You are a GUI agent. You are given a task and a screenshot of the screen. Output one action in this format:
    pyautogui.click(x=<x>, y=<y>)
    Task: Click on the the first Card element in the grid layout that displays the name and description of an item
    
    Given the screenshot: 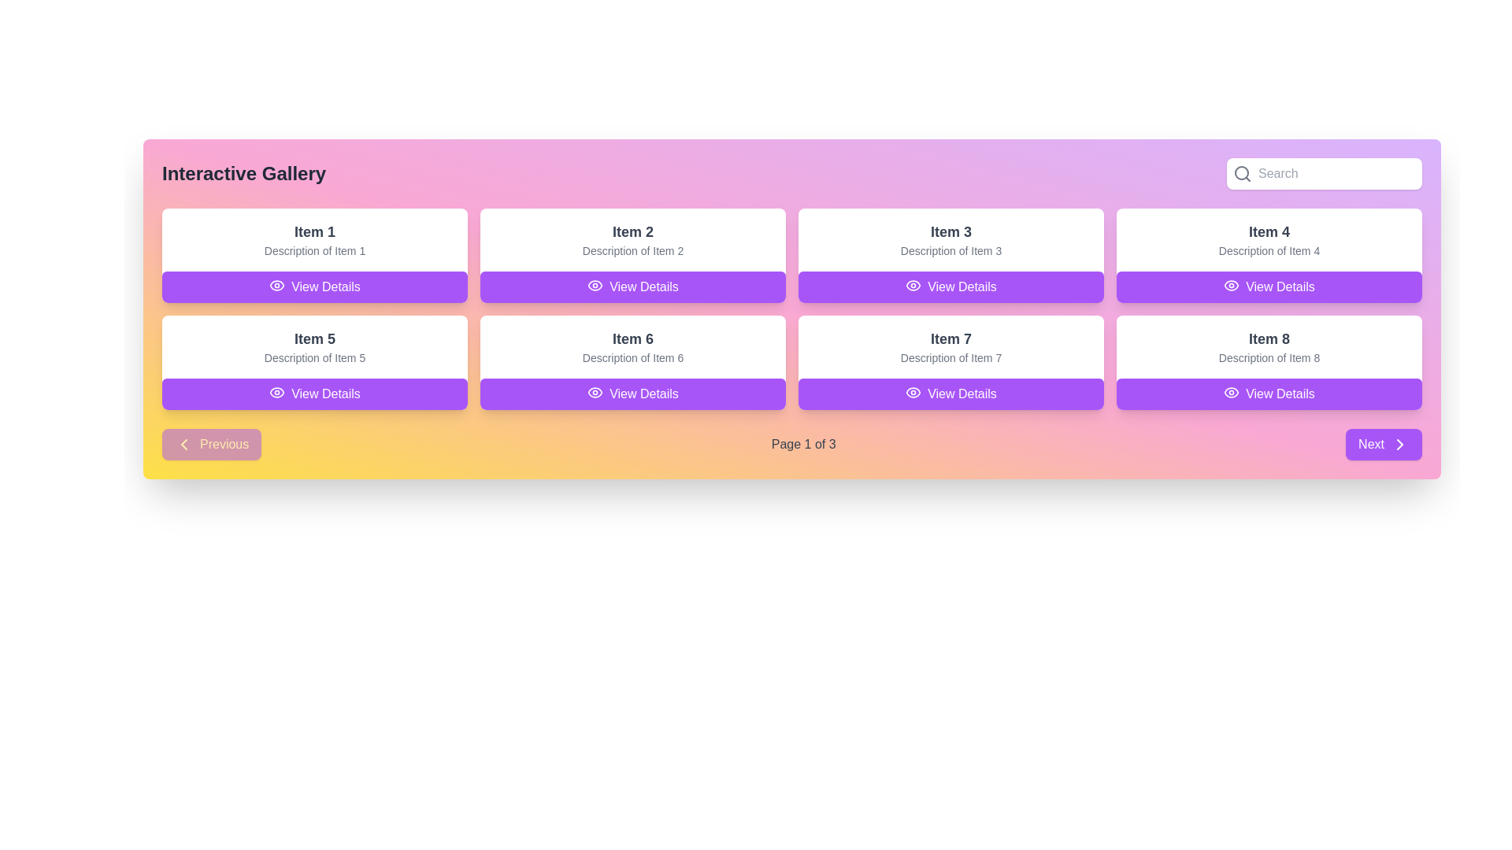 What is the action you would take?
    pyautogui.click(x=314, y=239)
    